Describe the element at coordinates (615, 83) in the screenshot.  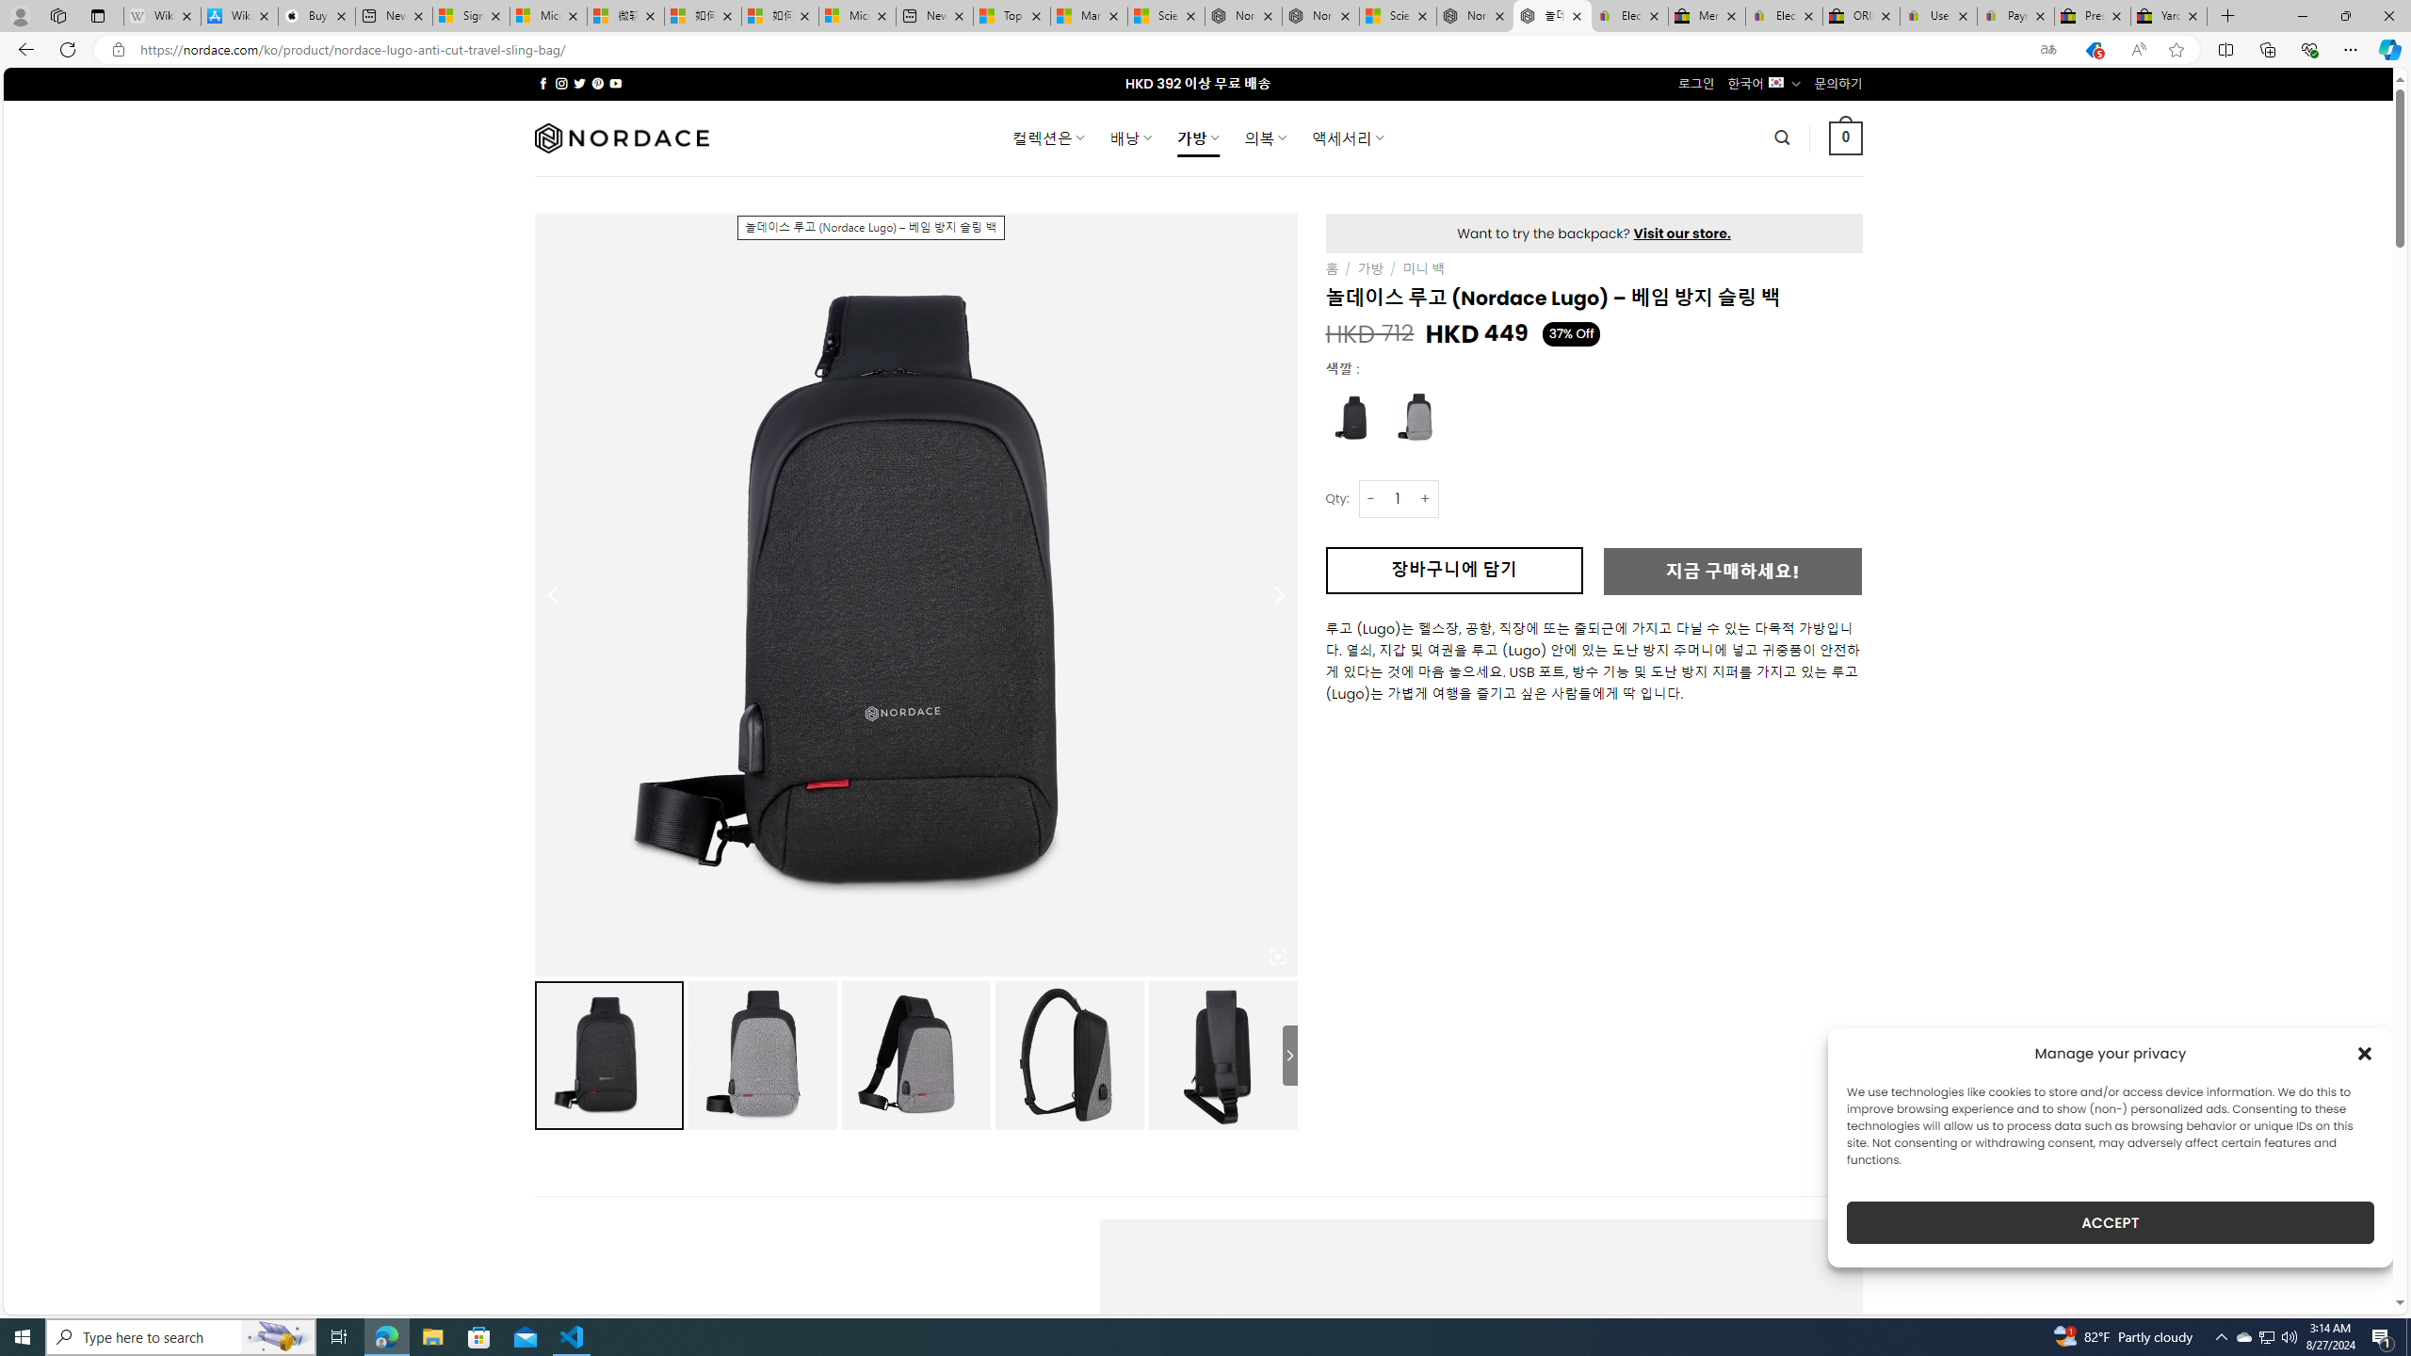
I see `'Follow on YouTube'` at that location.